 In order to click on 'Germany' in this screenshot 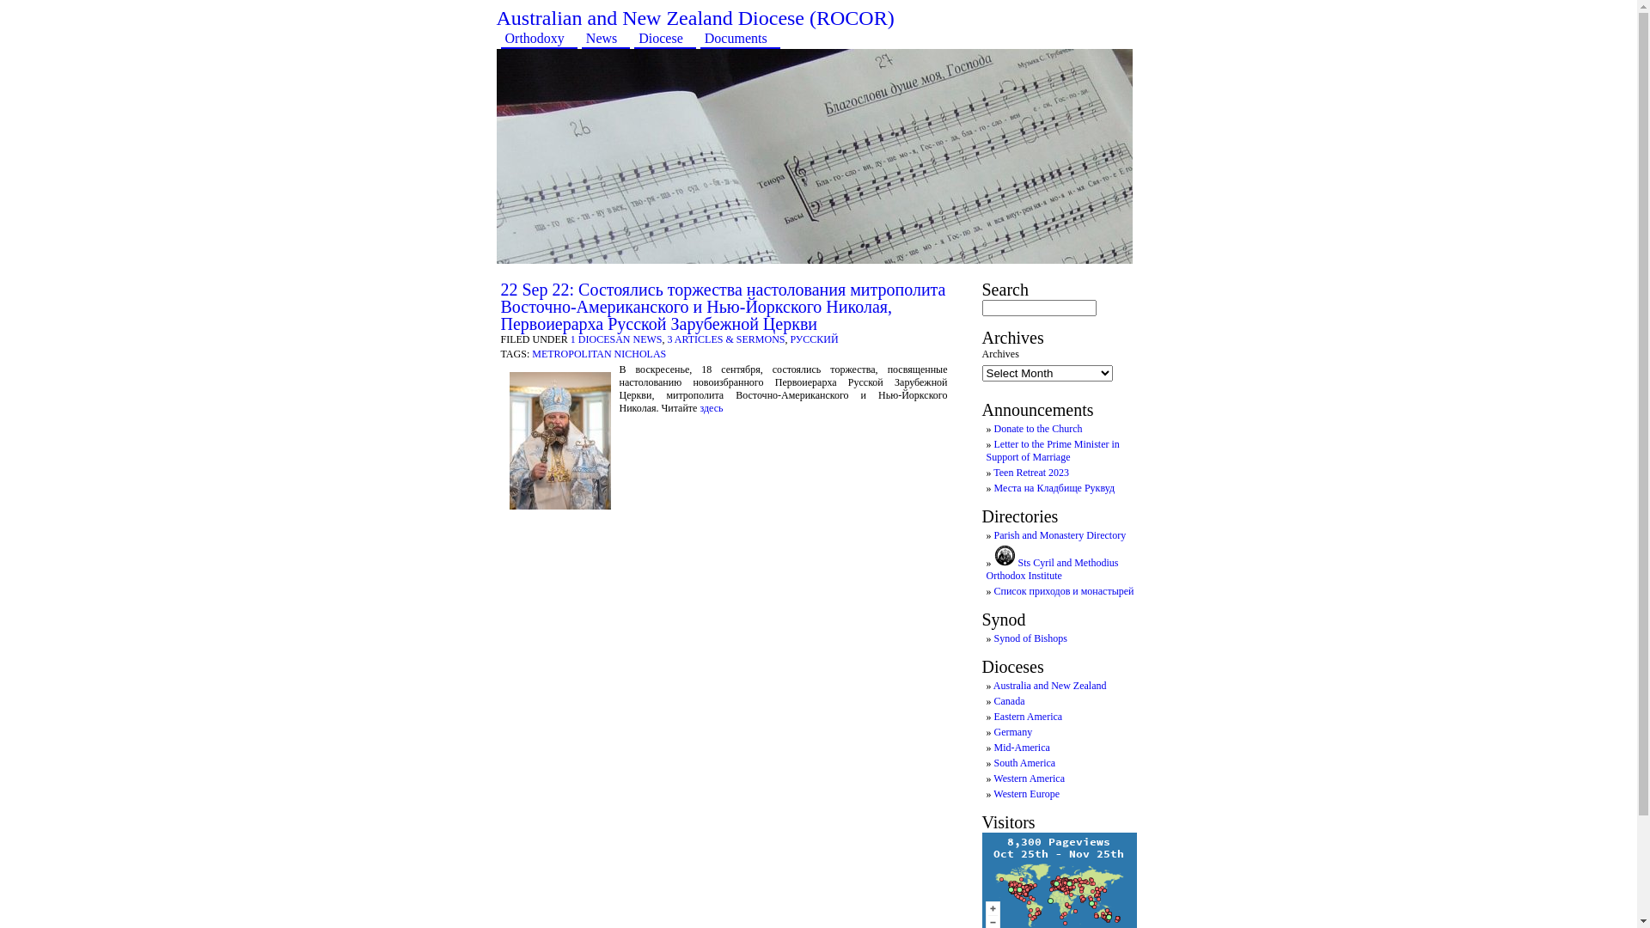, I will do `click(1012, 732)`.